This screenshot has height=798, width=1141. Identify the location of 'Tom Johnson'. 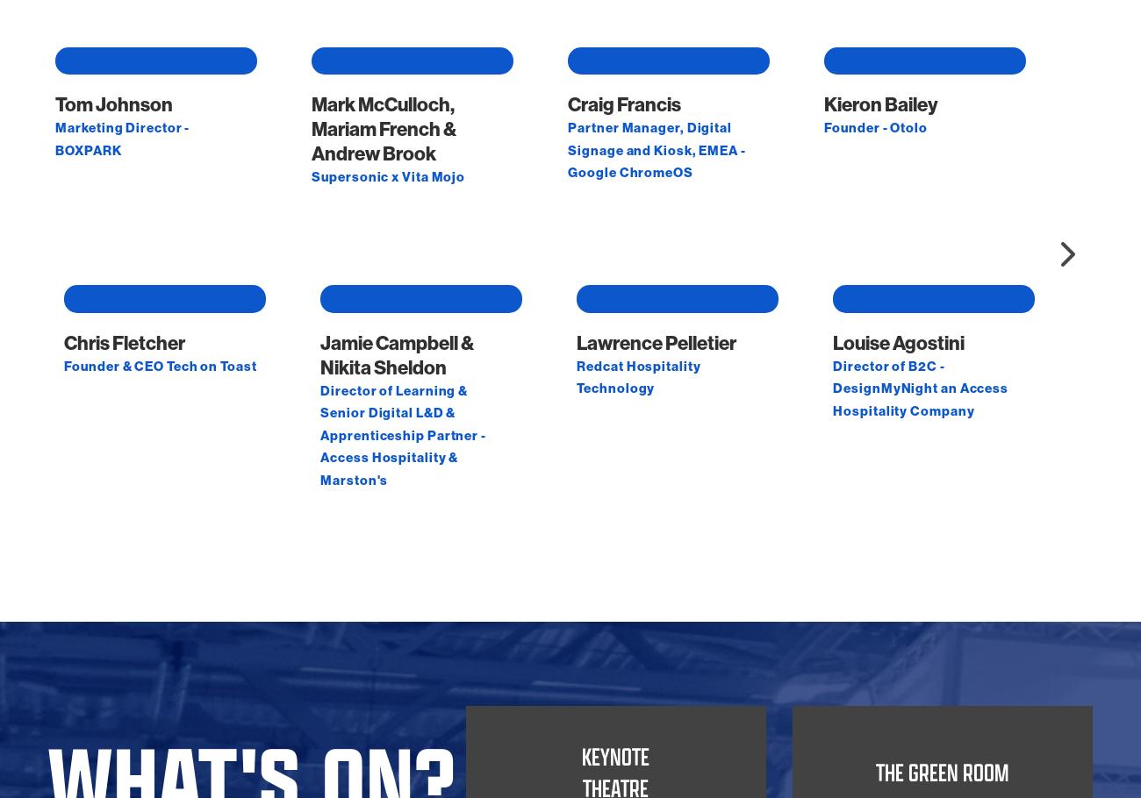
(113, 278).